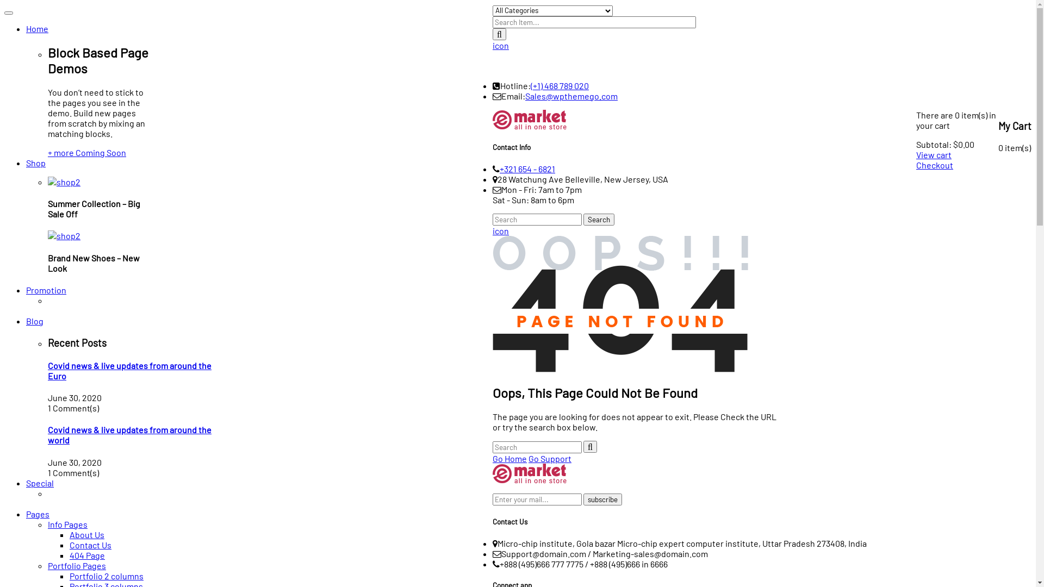 The width and height of the screenshot is (1044, 587). I want to click on 'Portfolio 2 columns', so click(69, 575).